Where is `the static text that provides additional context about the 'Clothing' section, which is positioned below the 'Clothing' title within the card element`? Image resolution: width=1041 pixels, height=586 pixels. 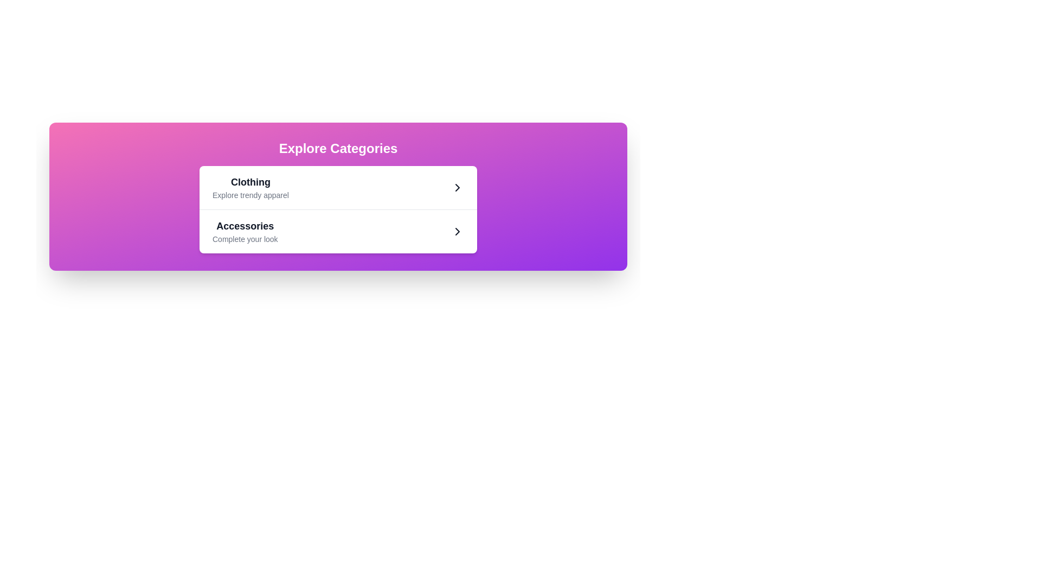
the static text that provides additional context about the 'Clothing' section, which is positioned below the 'Clothing' title within the card element is located at coordinates (250, 194).